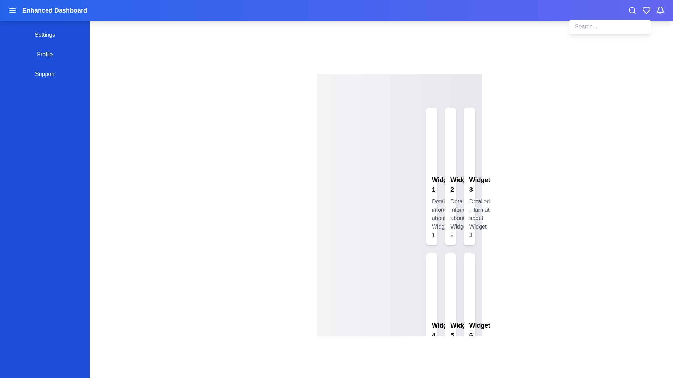 This screenshot has height=378, width=673. I want to click on the 'Settings' button located in the left sidebar, so click(45, 35).